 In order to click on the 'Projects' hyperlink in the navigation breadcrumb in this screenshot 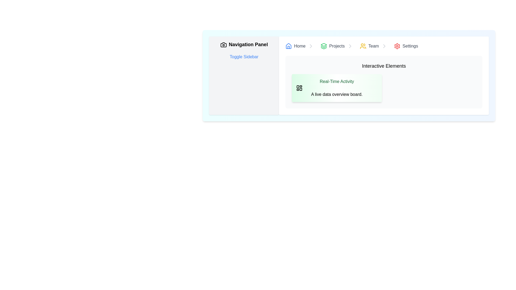, I will do `click(338, 46)`.